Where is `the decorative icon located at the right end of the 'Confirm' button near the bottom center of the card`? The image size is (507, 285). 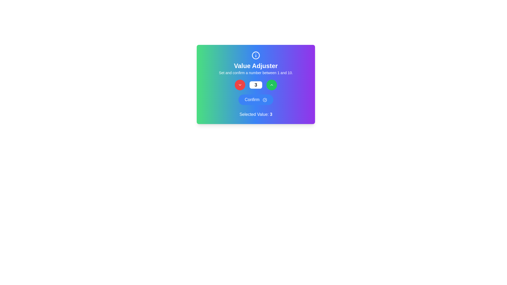
the decorative icon located at the right end of the 'Confirm' button near the bottom center of the card is located at coordinates (265, 100).